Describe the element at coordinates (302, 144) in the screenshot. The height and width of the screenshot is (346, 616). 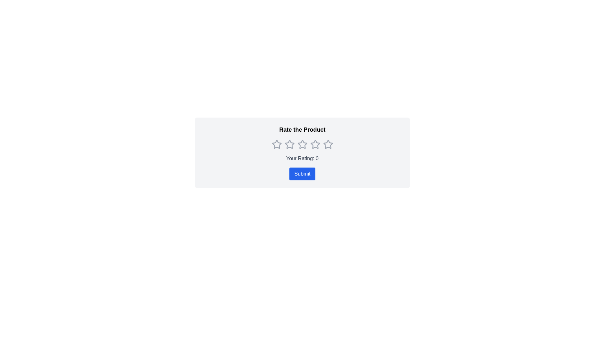
I see `the third star in the five-star rating system` at that location.